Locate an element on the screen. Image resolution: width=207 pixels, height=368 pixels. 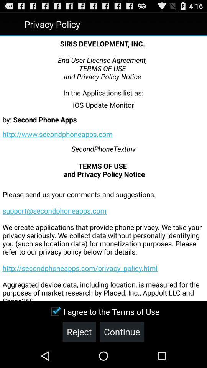
the i agree to checkbox is located at coordinates (103, 312).